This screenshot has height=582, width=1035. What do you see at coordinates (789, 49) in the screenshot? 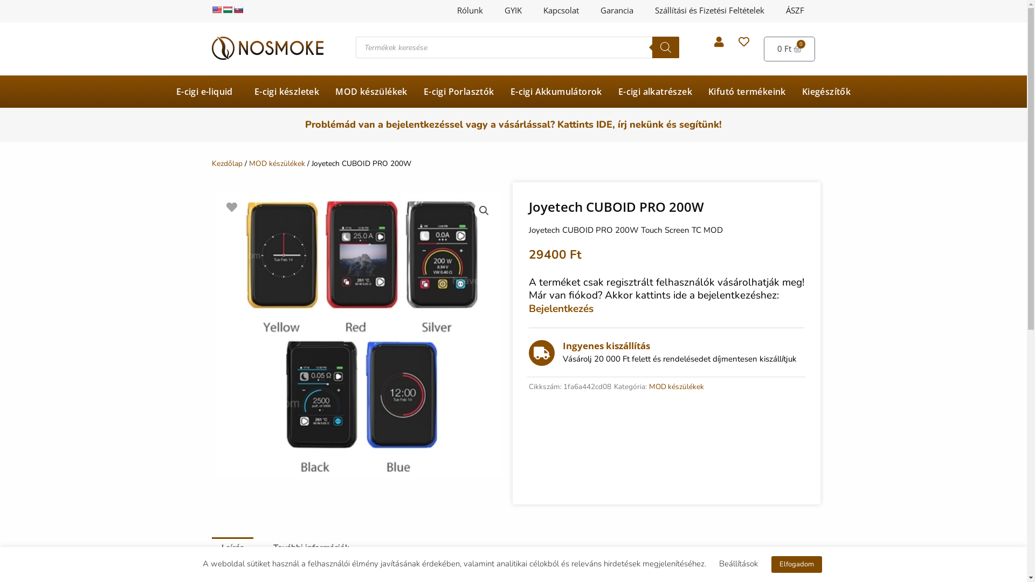
I see `'0 Ft` at bounding box center [789, 49].